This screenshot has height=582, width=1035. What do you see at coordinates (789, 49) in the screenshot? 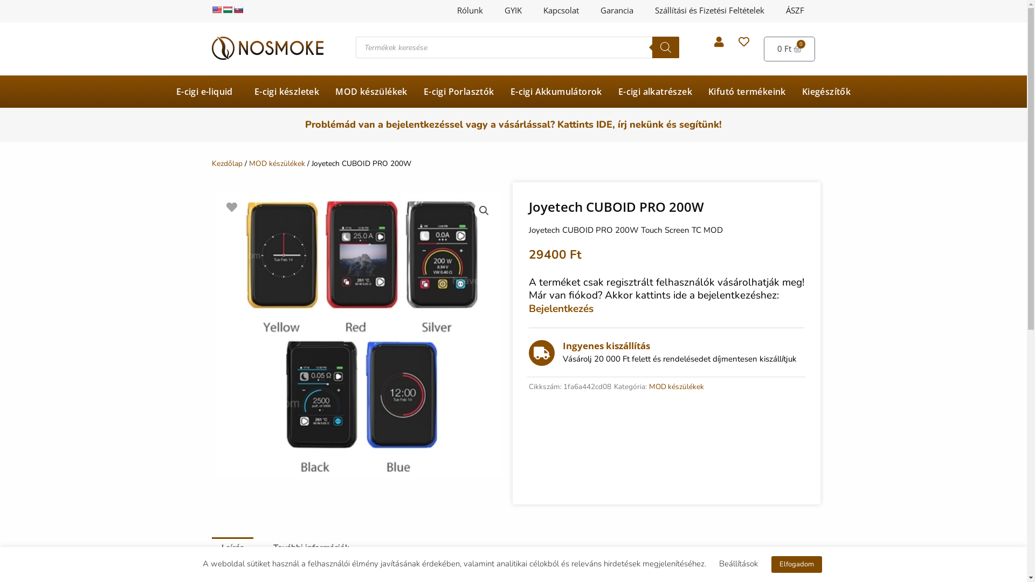
I see `'0 Ft` at bounding box center [789, 49].